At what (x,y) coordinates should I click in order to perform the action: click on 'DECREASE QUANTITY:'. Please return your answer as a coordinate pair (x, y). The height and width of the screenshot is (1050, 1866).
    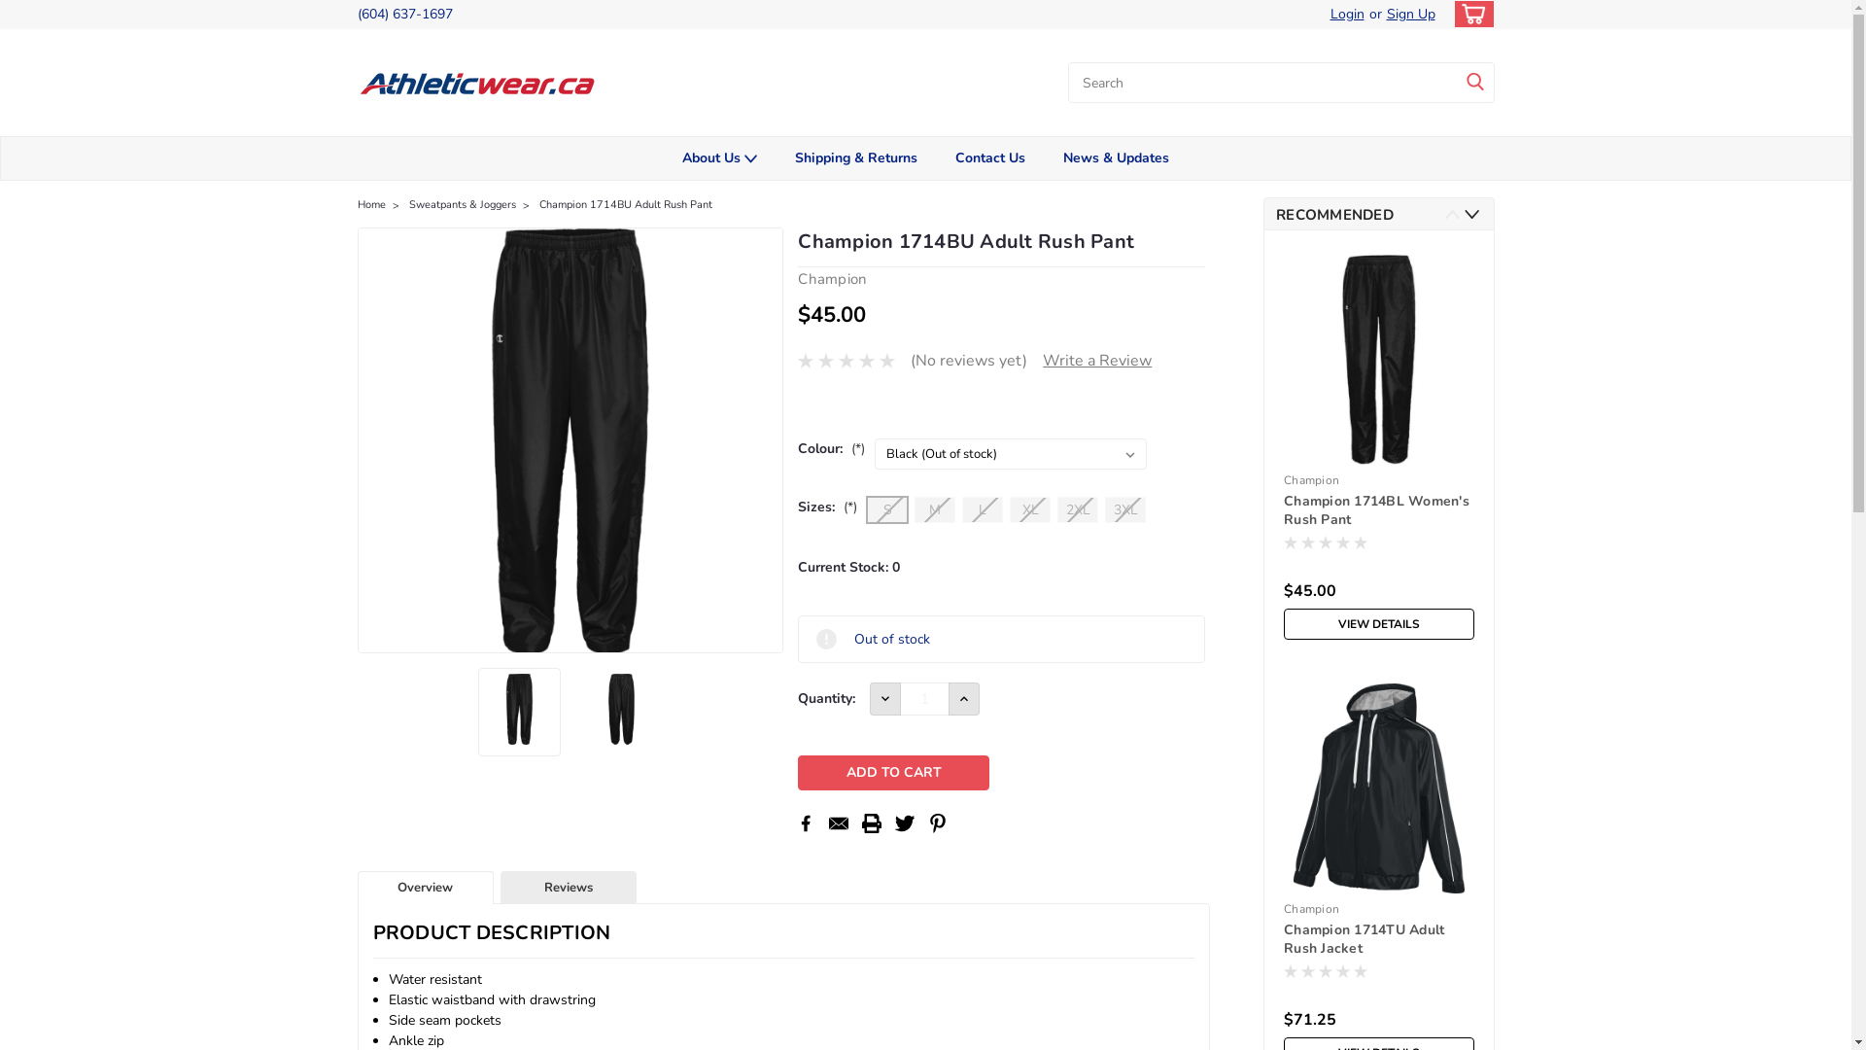
    Looking at the image, I should click on (884, 697).